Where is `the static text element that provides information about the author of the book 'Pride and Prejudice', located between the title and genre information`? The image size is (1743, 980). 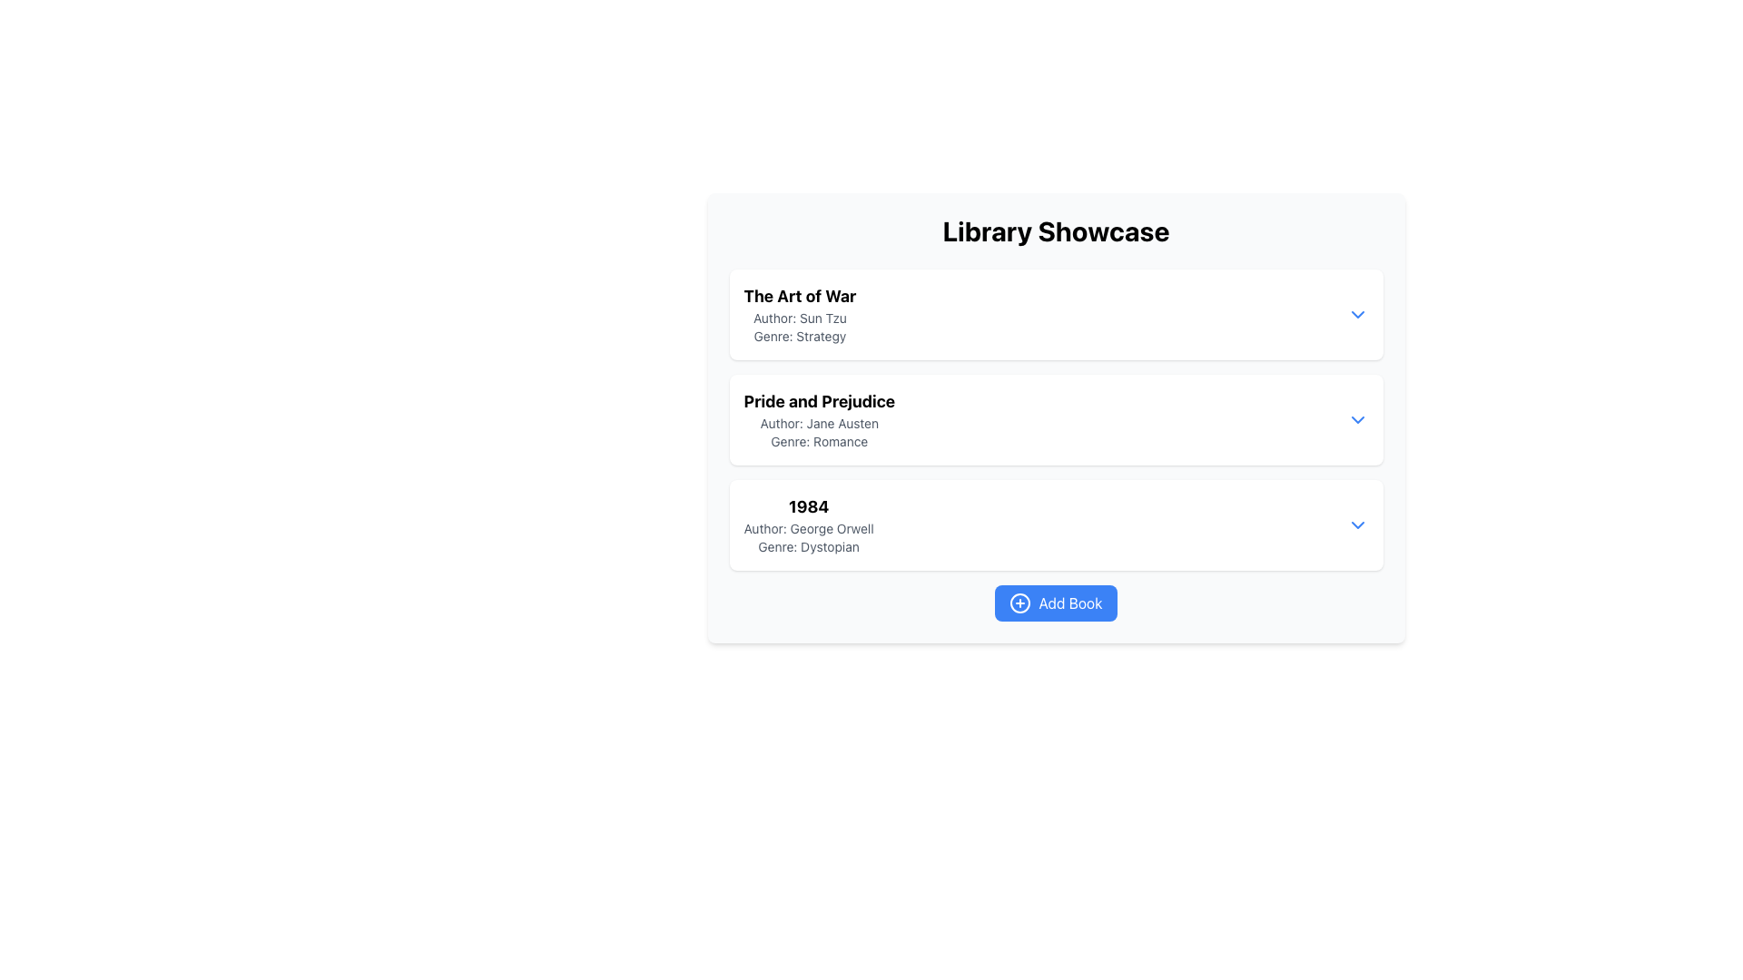
the static text element that provides information about the author of the book 'Pride and Prejudice', located between the title and genre information is located at coordinates (818, 423).